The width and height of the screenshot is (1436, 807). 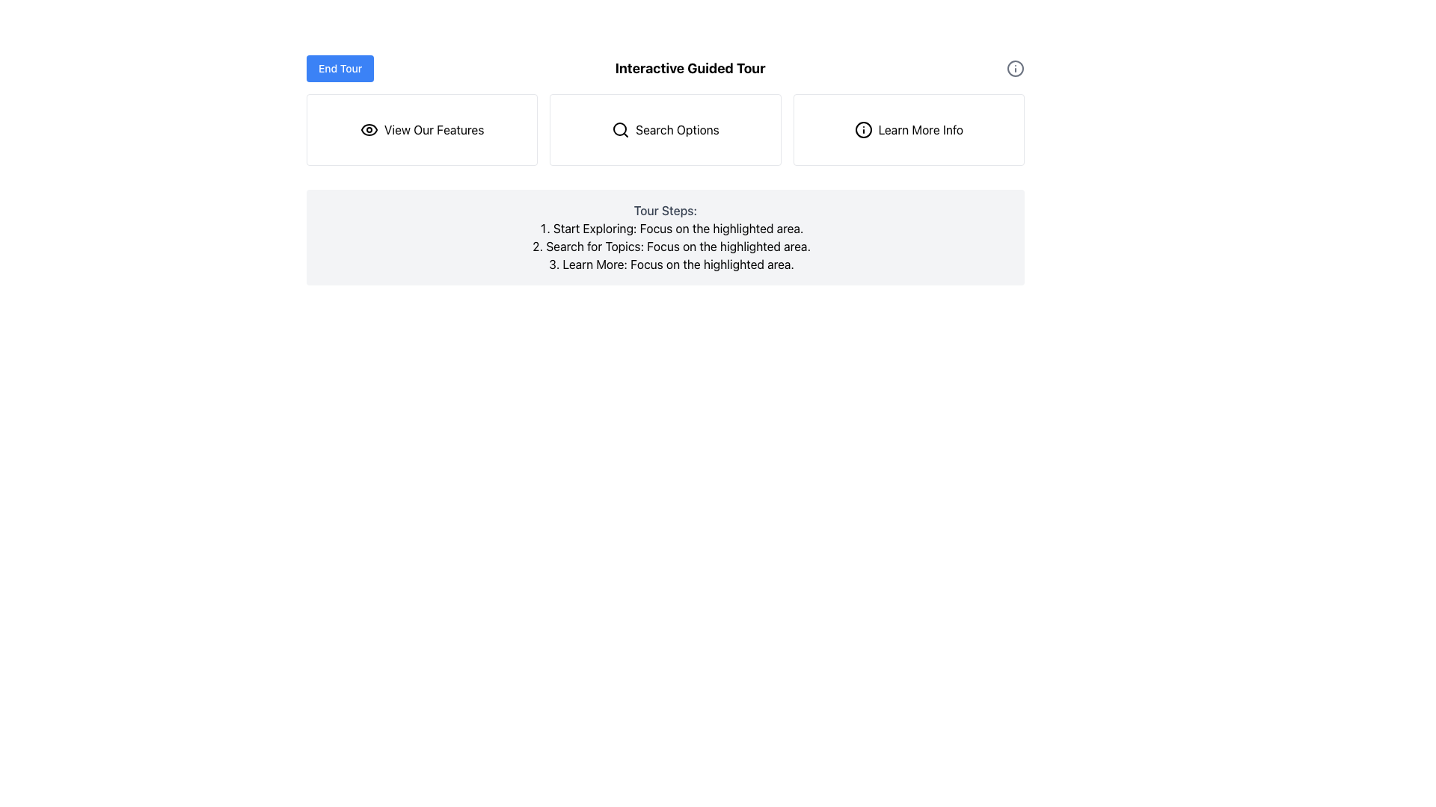 What do you see at coordinates (908, 129) in the screenshot?
I see `the 'Learn More Info' button, which is a rectangular box with rounded corners containing an 'i' icon and bordered styling` at bounding box center [908, 129].